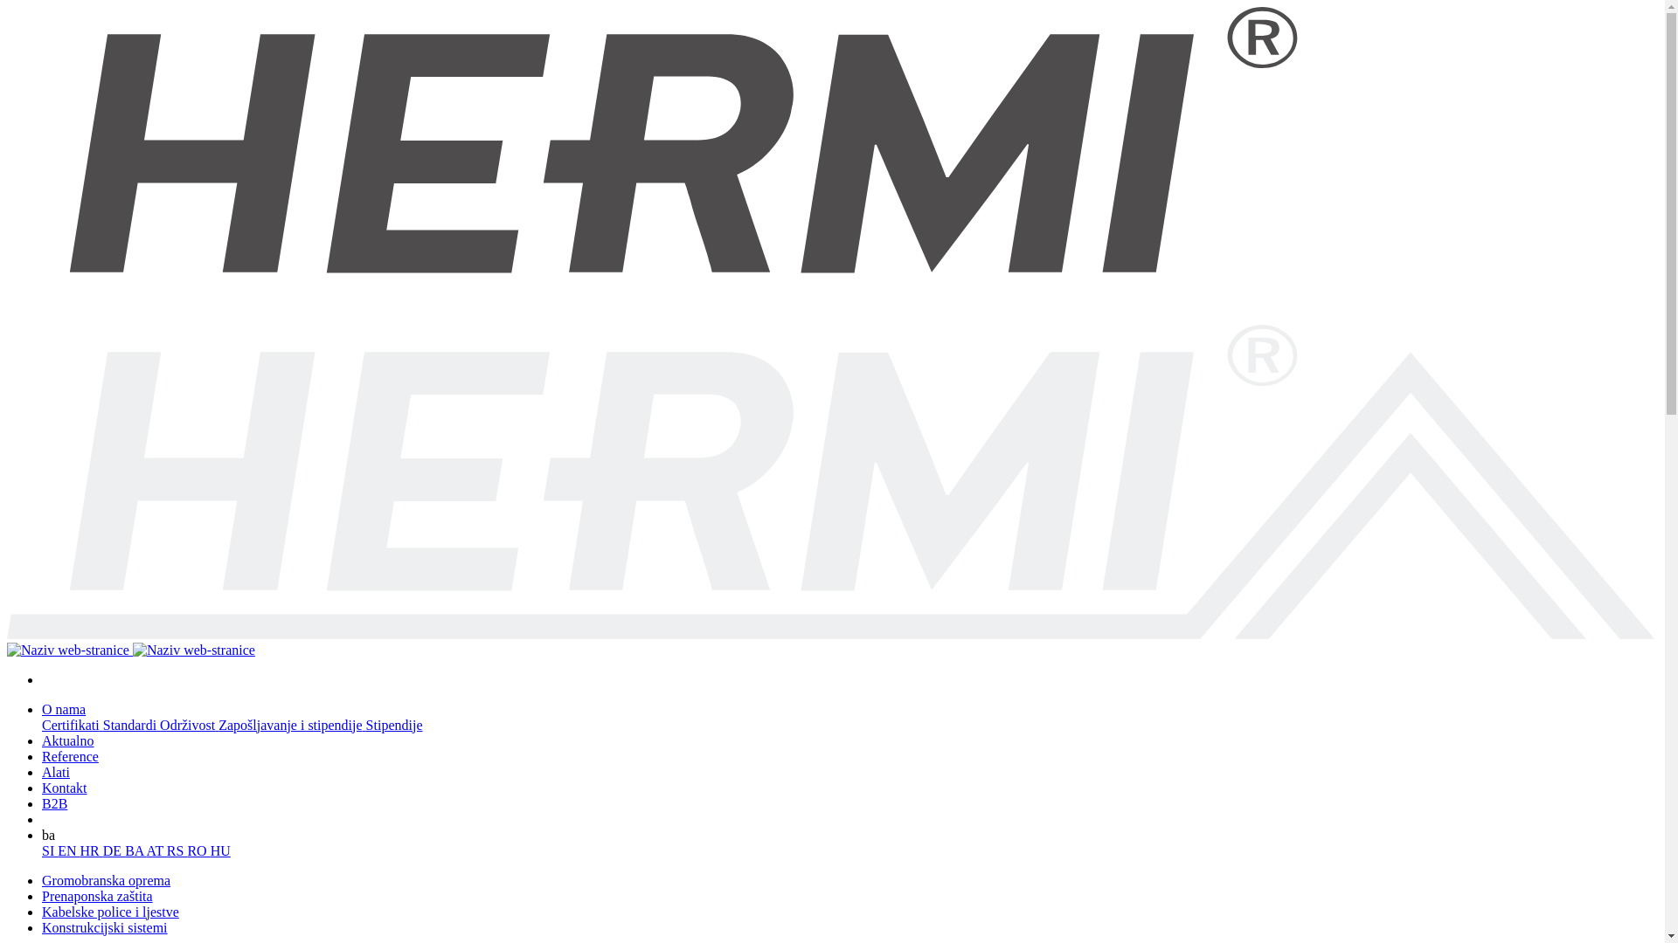 This screenshot has height=943, width=1678. What do you see at coordinates (109, 911) in the screenshot?
I see `'Kabelske police i ljestve'` at bounding box center [109, 911].